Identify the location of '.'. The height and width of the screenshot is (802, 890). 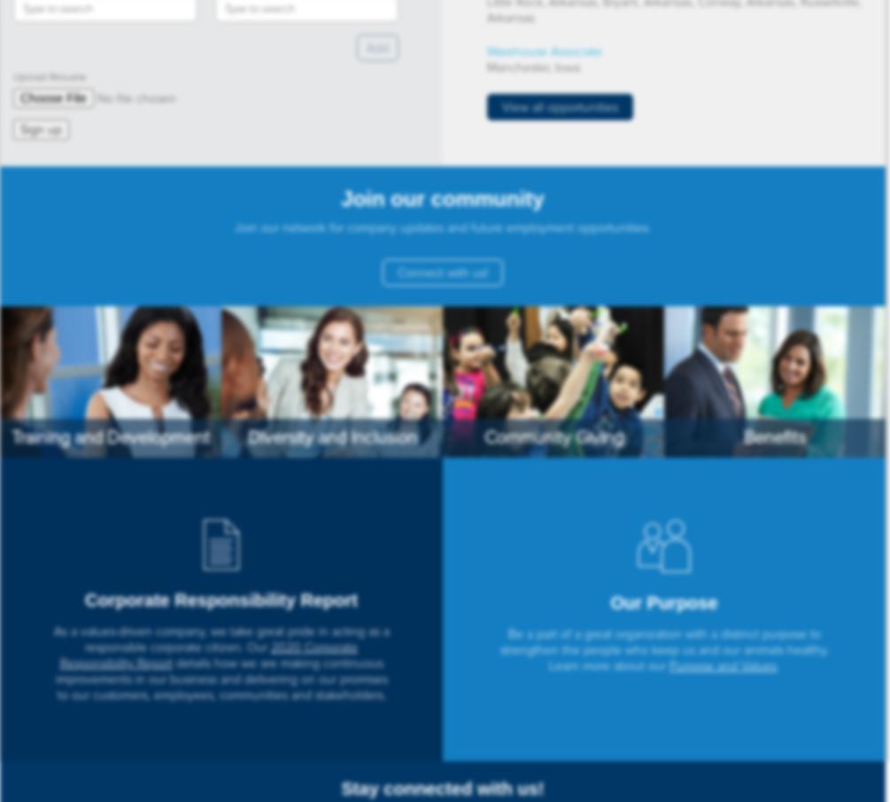
(777, 665).